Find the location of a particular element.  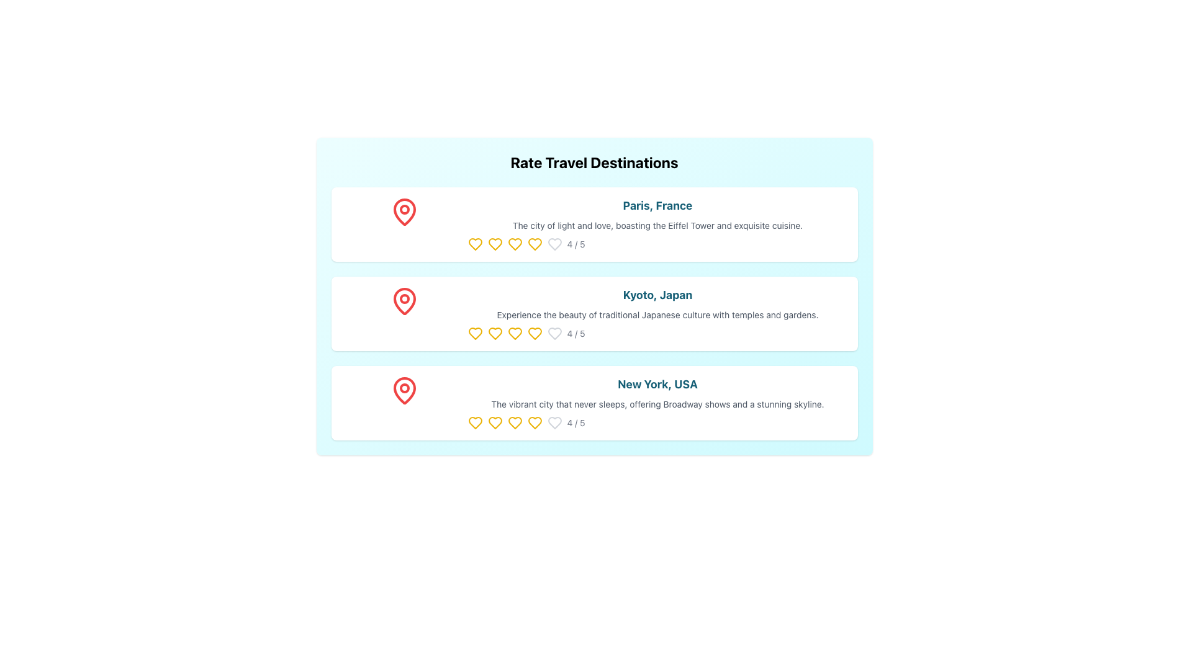

the fifth heart icon in the rating section below the text description of 'New York, USA.' is located at coordinates (474, 422).